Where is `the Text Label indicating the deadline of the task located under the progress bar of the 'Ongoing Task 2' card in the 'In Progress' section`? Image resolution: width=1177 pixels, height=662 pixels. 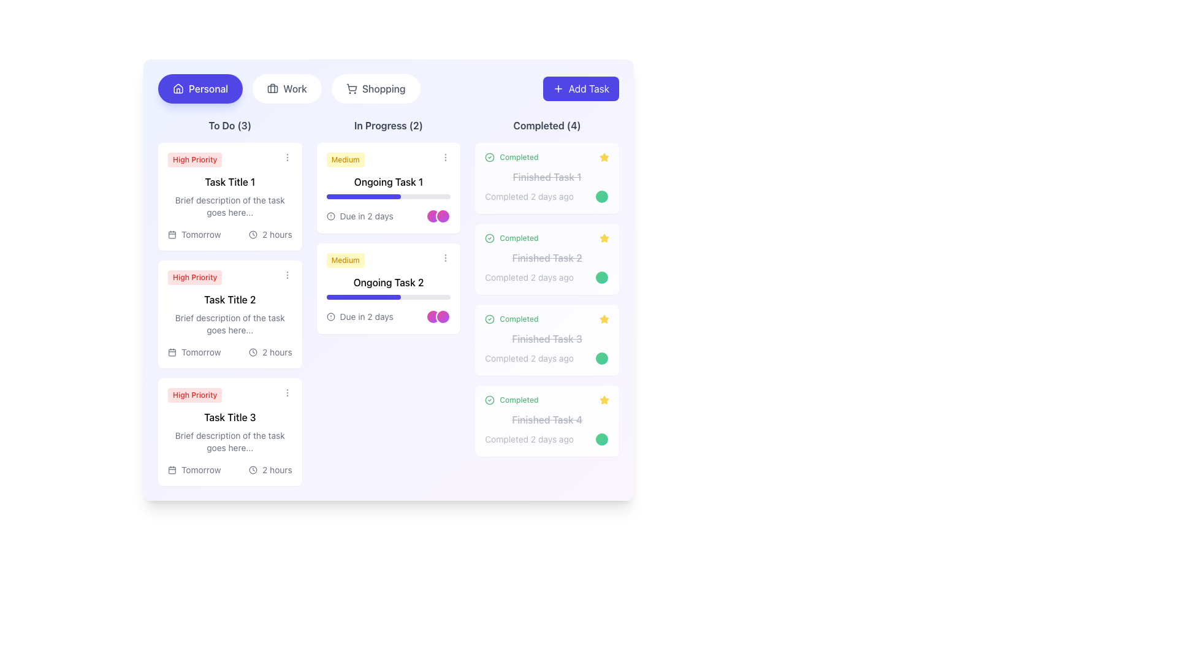
the Text Label indicating the deadline of the task located under the progress bar of the 'Ongoing Task 2' card in the 'In Progress' section is located at coordinates (366, 316).